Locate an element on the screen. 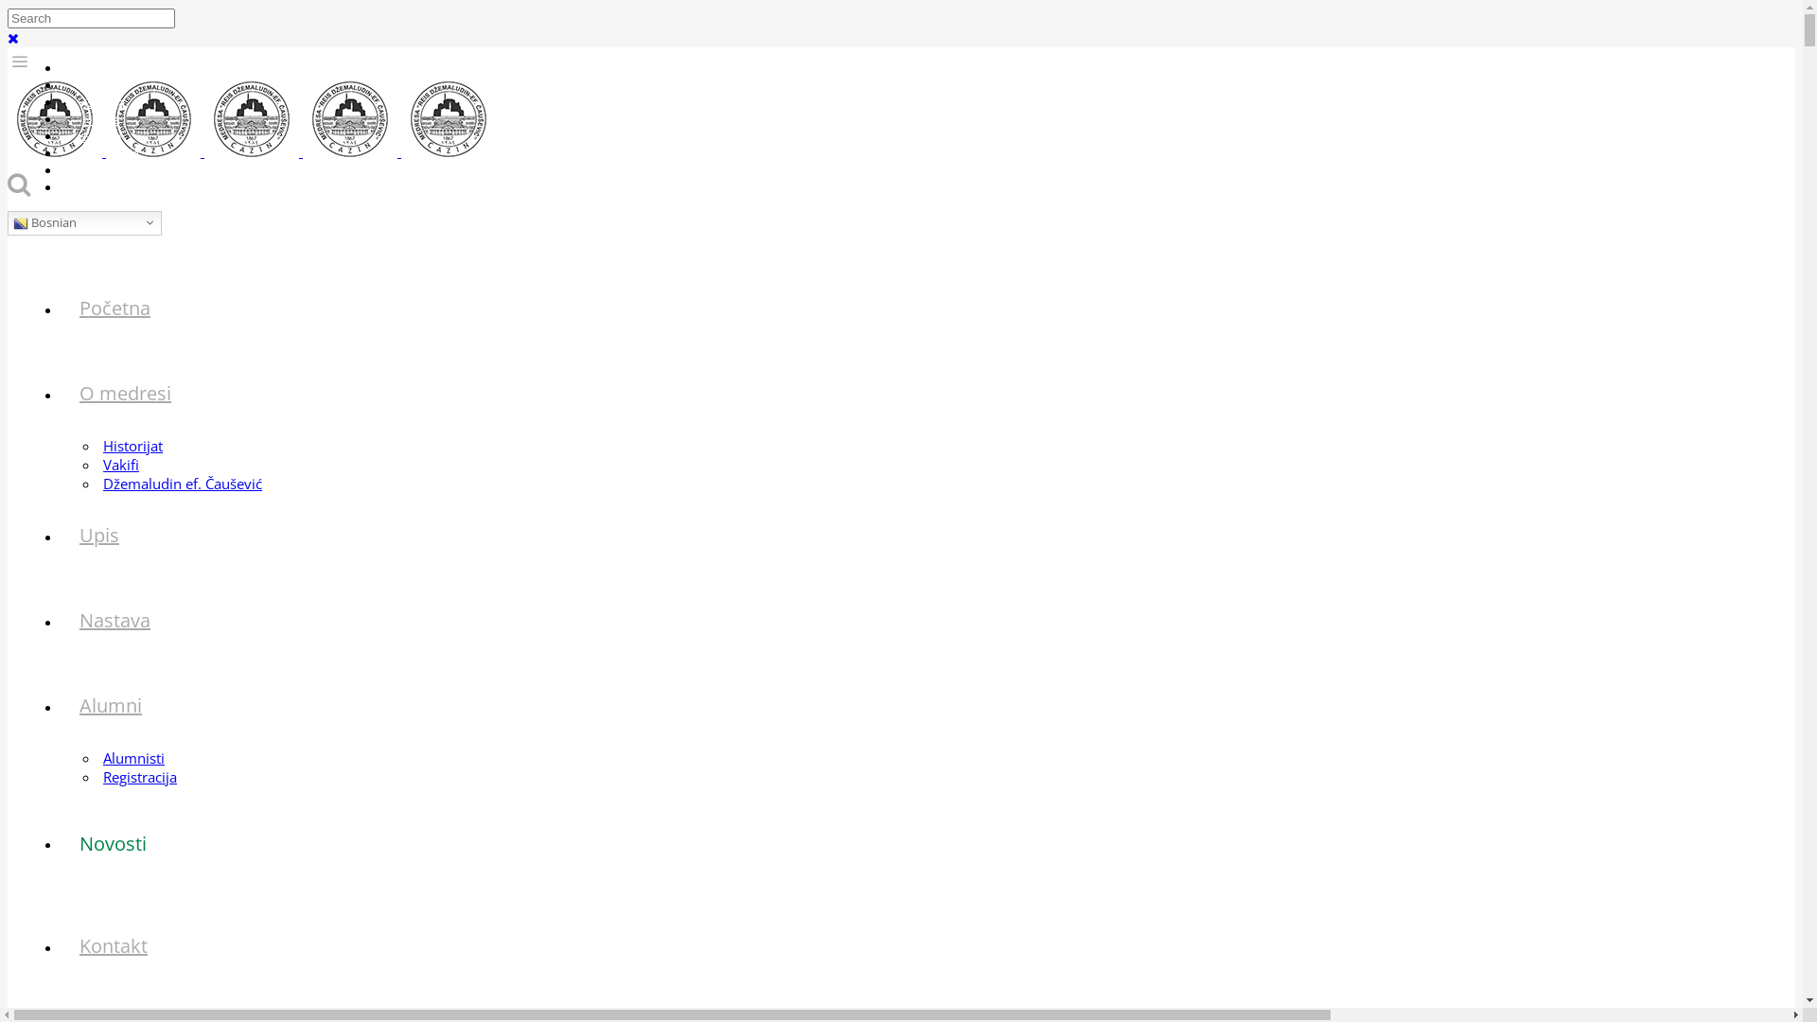 The width and height of the screenshot is (1817, 1022). 'Upis' is located at coordinates (98, 535).